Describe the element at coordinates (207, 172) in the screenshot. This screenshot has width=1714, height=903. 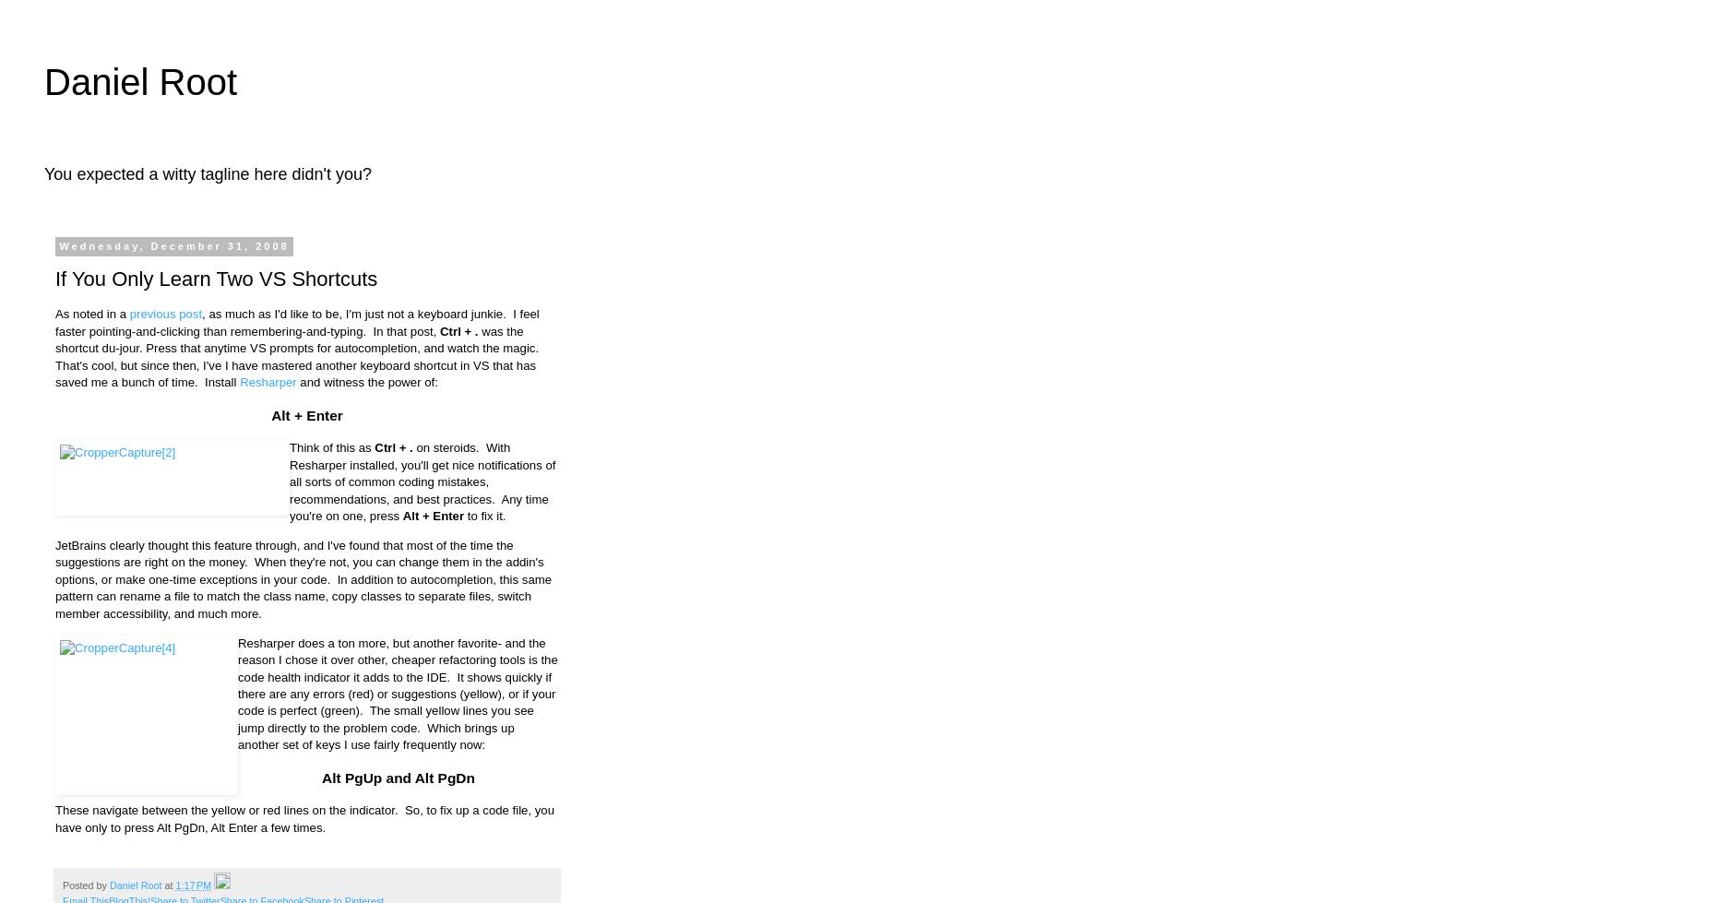
I see `'You expected a witty tagline here didn't you?'` at that location.